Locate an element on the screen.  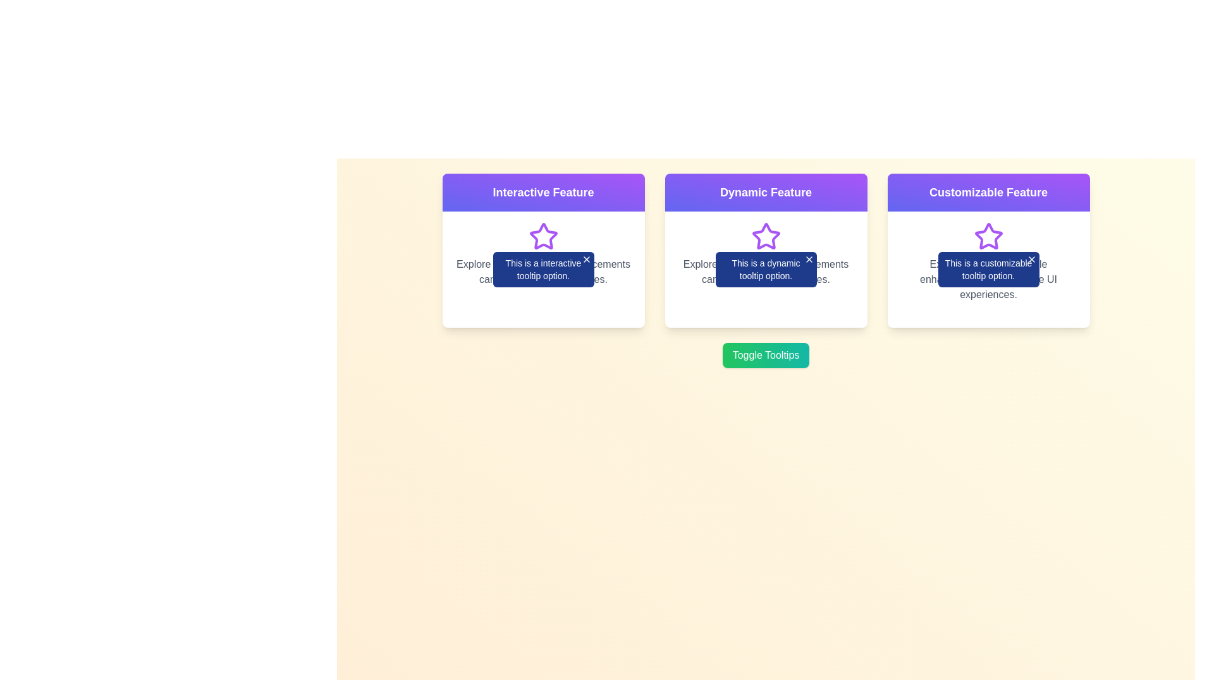
the close button located in the top-right corner of the tooltip labeled 'This is a interactive tooltip option' by is located at coordinates (586, 259).